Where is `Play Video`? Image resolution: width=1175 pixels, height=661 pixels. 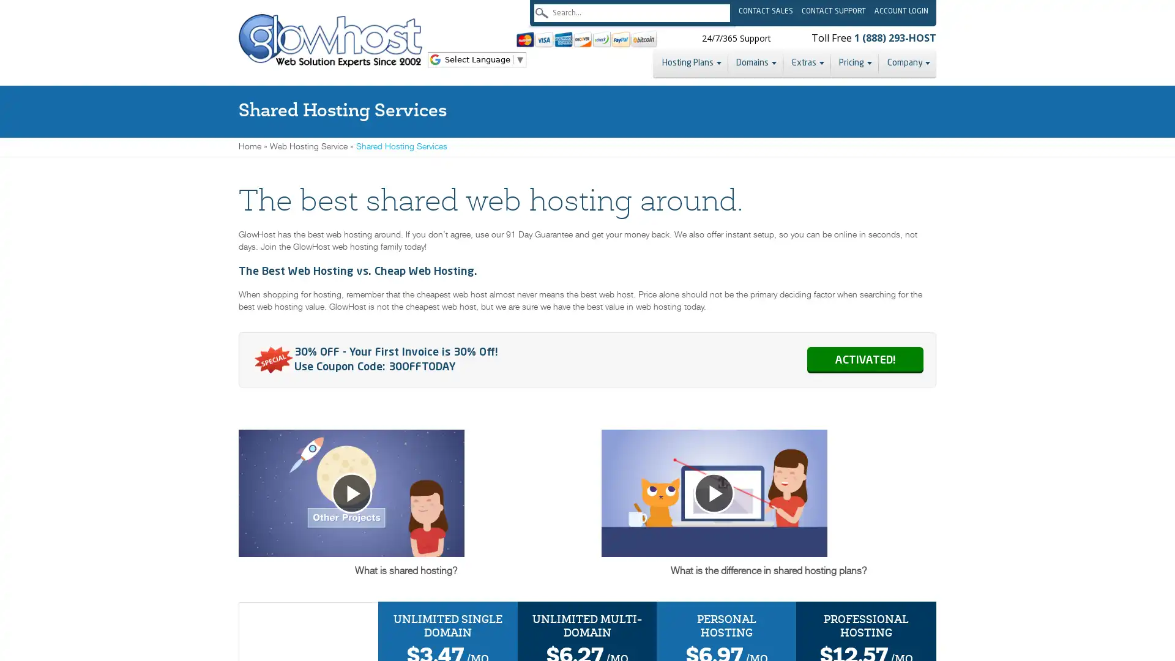 Play Video is located at coordinates (405, 523).